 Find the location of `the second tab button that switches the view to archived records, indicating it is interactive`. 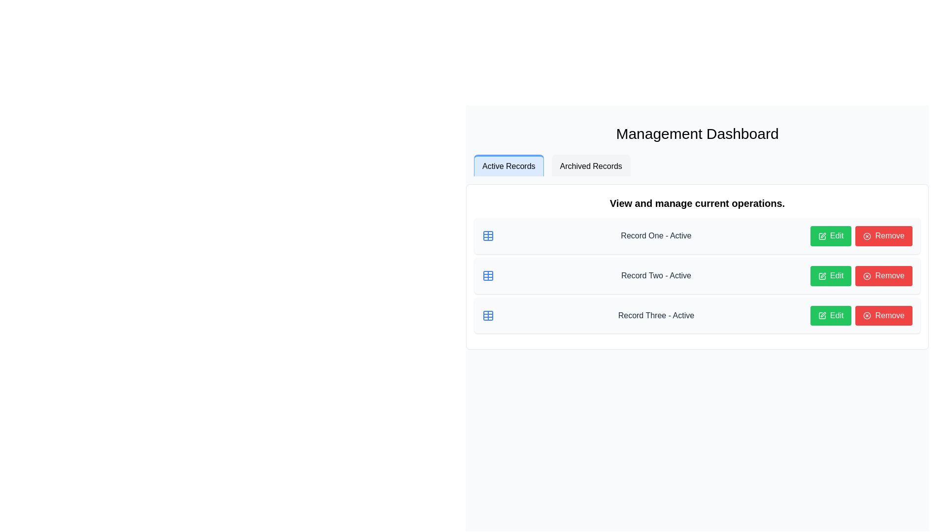

the second tab button that switches the view to archived records, indicating it is interactive is located at coordinates (591, 165).